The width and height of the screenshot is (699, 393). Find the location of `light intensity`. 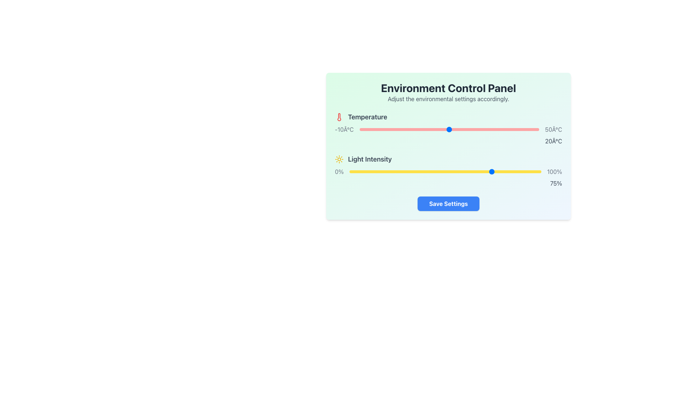

light intensity is located at coordinates (457, 171).